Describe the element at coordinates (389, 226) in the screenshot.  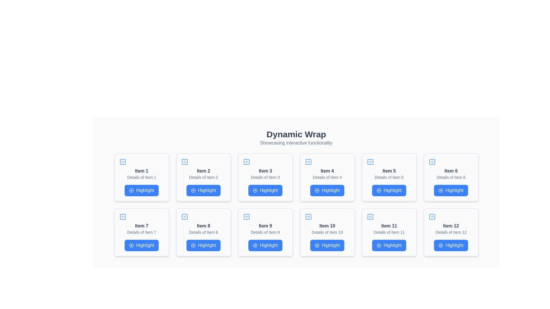
I see `the Text label that serves as the title for the card representing 'Item 11', located at the top-center of the card above the description text and below the graphic icon` at that location.